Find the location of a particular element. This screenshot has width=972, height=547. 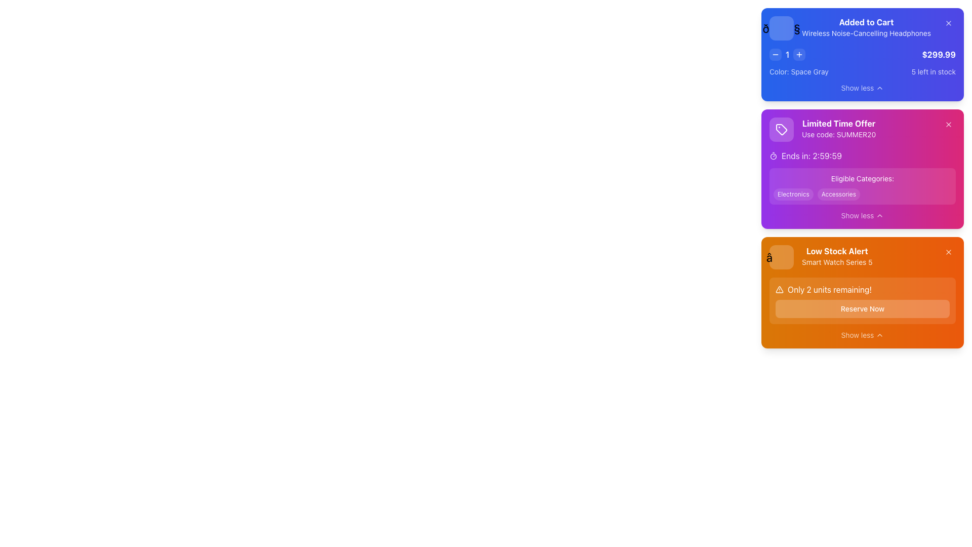

the white-colored numerical digit '1' displayed in medium-weight sans-serif font, which is located between the decrement and increment buttons in a blue-themed interface is located at coordinates (787, 55).